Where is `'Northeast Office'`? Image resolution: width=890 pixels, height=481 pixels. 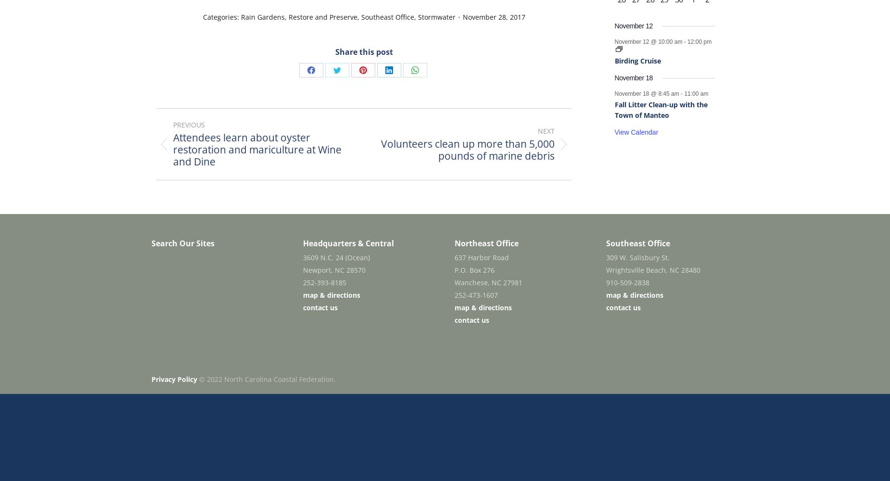
'Northeast Office' is located at coordinates (486, 243).